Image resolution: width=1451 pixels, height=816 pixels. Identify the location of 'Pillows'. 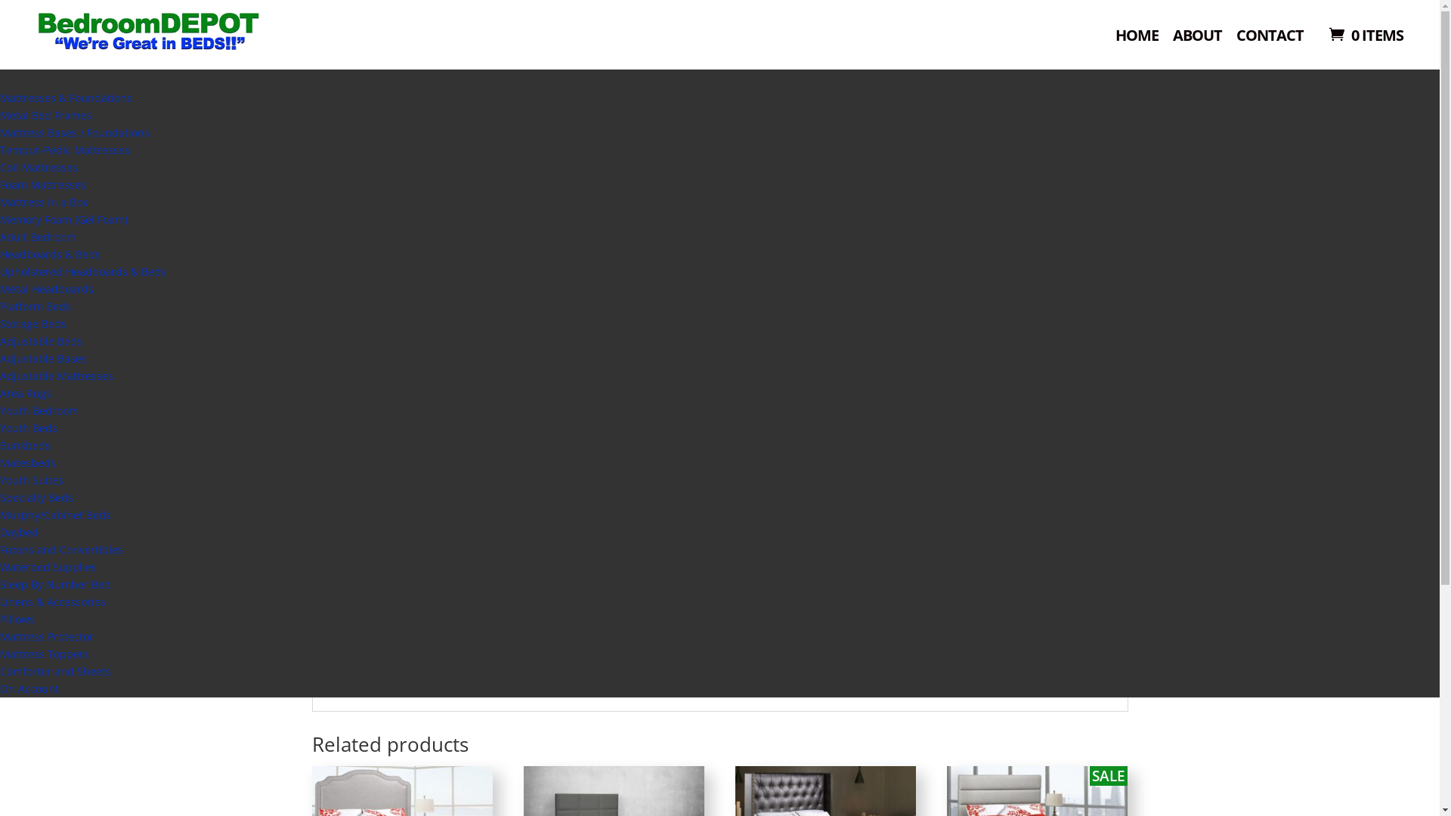
(0, 619).